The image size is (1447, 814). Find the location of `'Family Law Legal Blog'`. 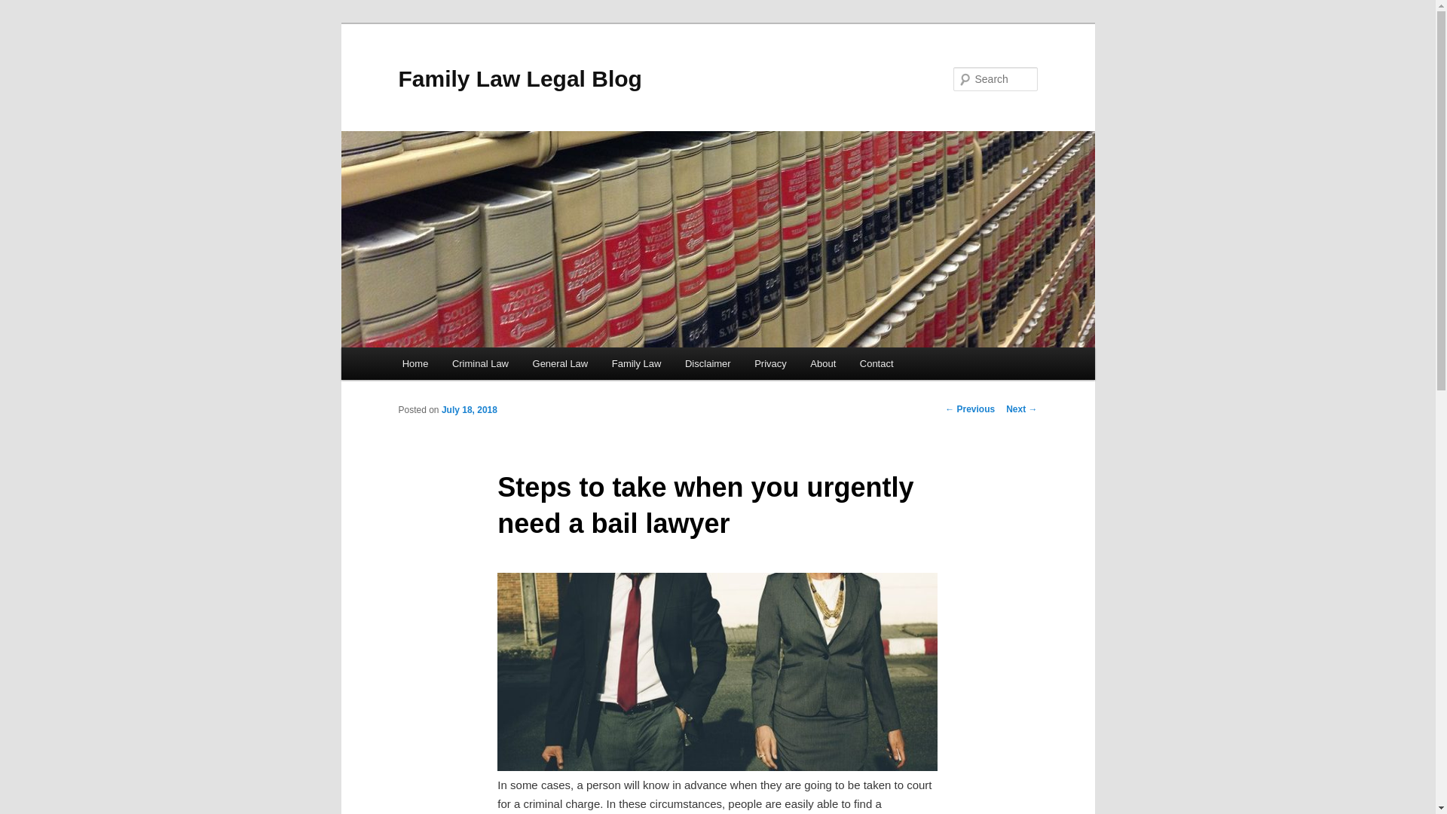

'Family Law Legal Blog' is located at coordinates (519, 78).